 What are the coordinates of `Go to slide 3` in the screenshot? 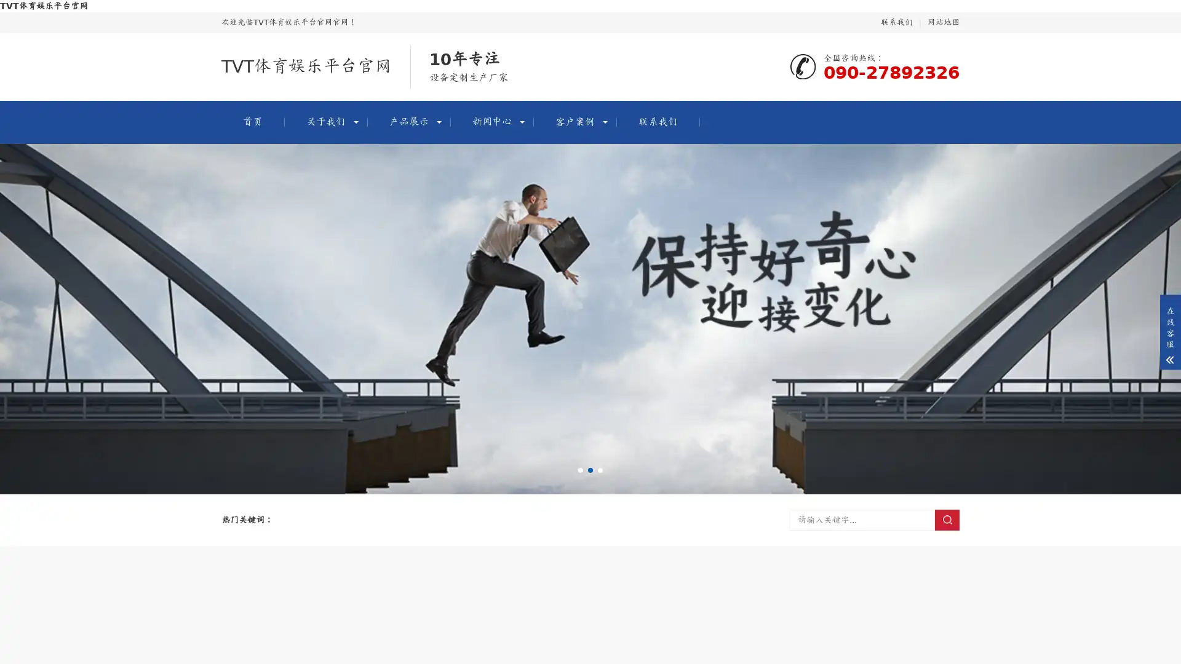 It's located at (600, 470).